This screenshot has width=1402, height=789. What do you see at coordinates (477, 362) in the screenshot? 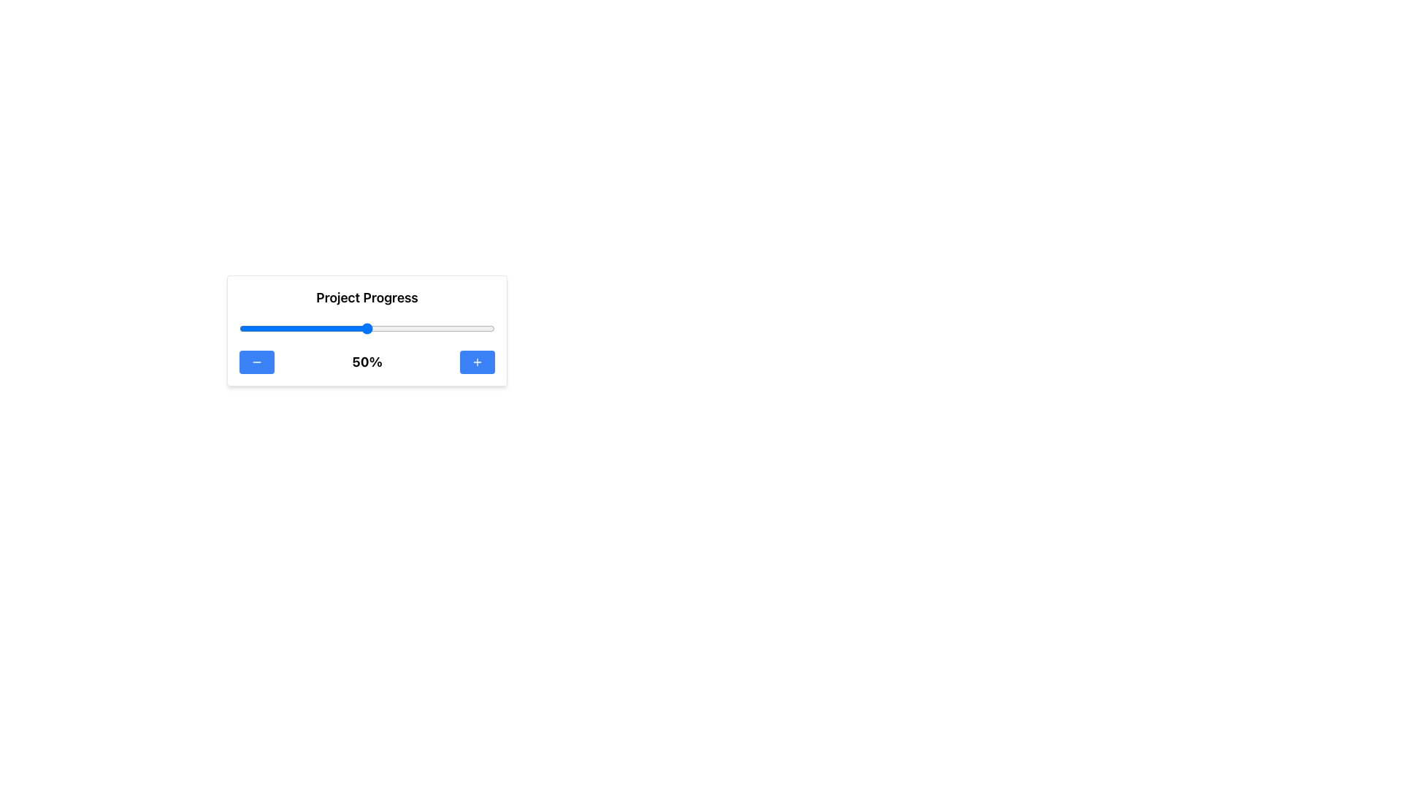
I see `the increment button positioned to the right of the '50%' text, which features a plus icon, to potentially reveal additional information` at bounding box center [477, 362].